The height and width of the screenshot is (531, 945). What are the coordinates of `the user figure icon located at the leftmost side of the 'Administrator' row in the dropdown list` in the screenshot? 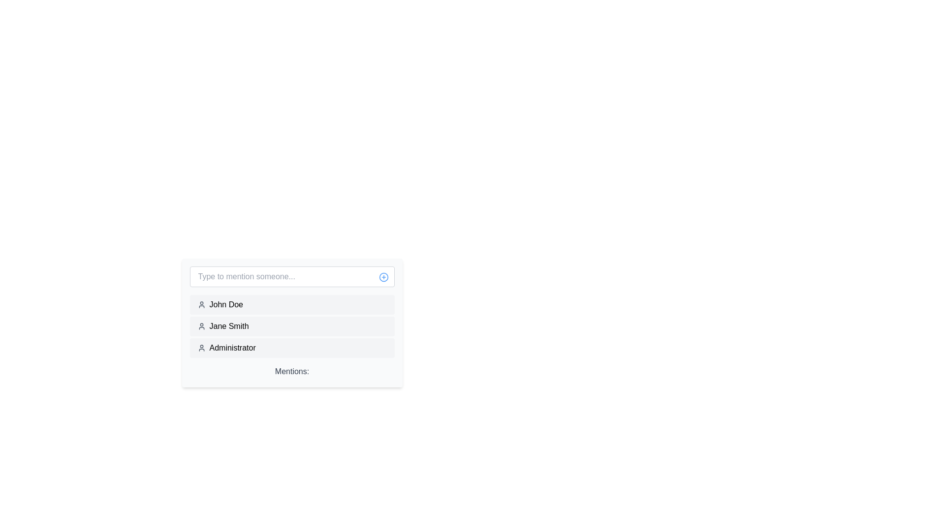 It's located at (201, 348).